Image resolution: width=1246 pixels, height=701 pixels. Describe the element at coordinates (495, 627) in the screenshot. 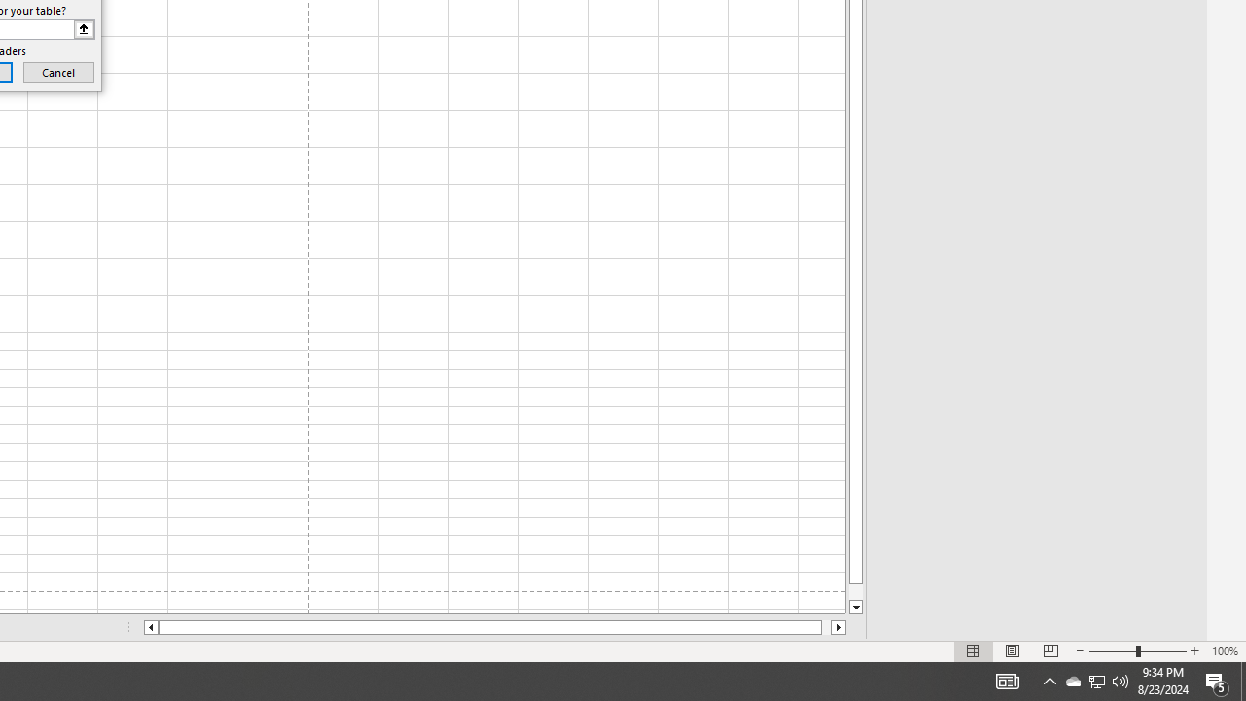

I see `'Class: NetUIScrollBar'` at that location.